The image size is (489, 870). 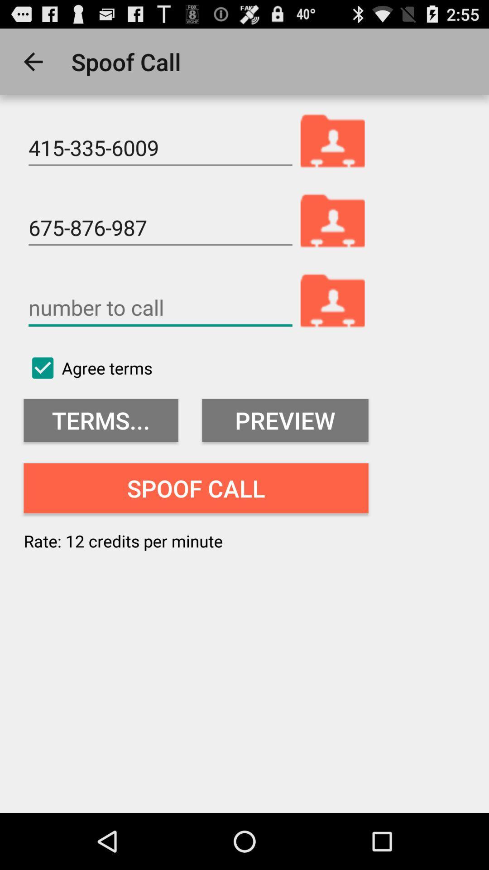 What do you see at coordinates (101, 420) in the screenshot?
I see `the item next to the preview icon` at bounding box center [101, 420].